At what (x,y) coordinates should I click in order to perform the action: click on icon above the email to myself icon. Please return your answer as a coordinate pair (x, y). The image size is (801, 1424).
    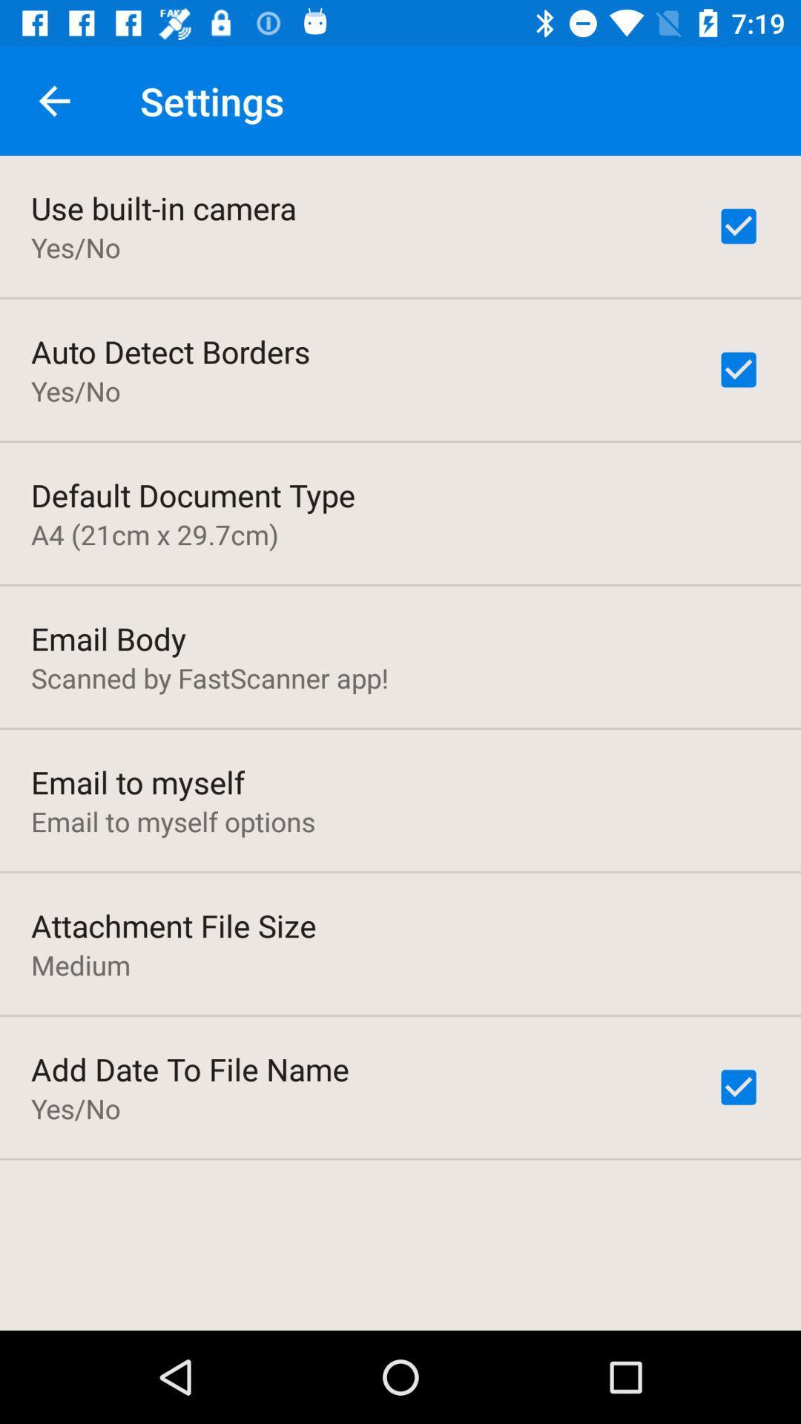
    Looking at the image, I should click on (210, 677).